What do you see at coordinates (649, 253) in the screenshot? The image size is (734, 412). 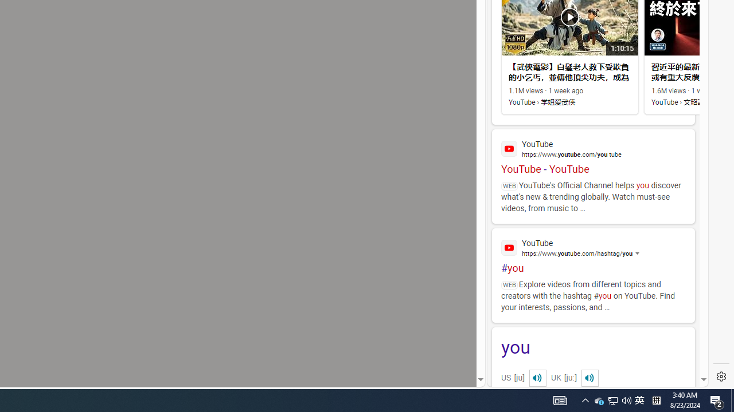 I see `'Actions for this site'` at bounding box center [649, 253].